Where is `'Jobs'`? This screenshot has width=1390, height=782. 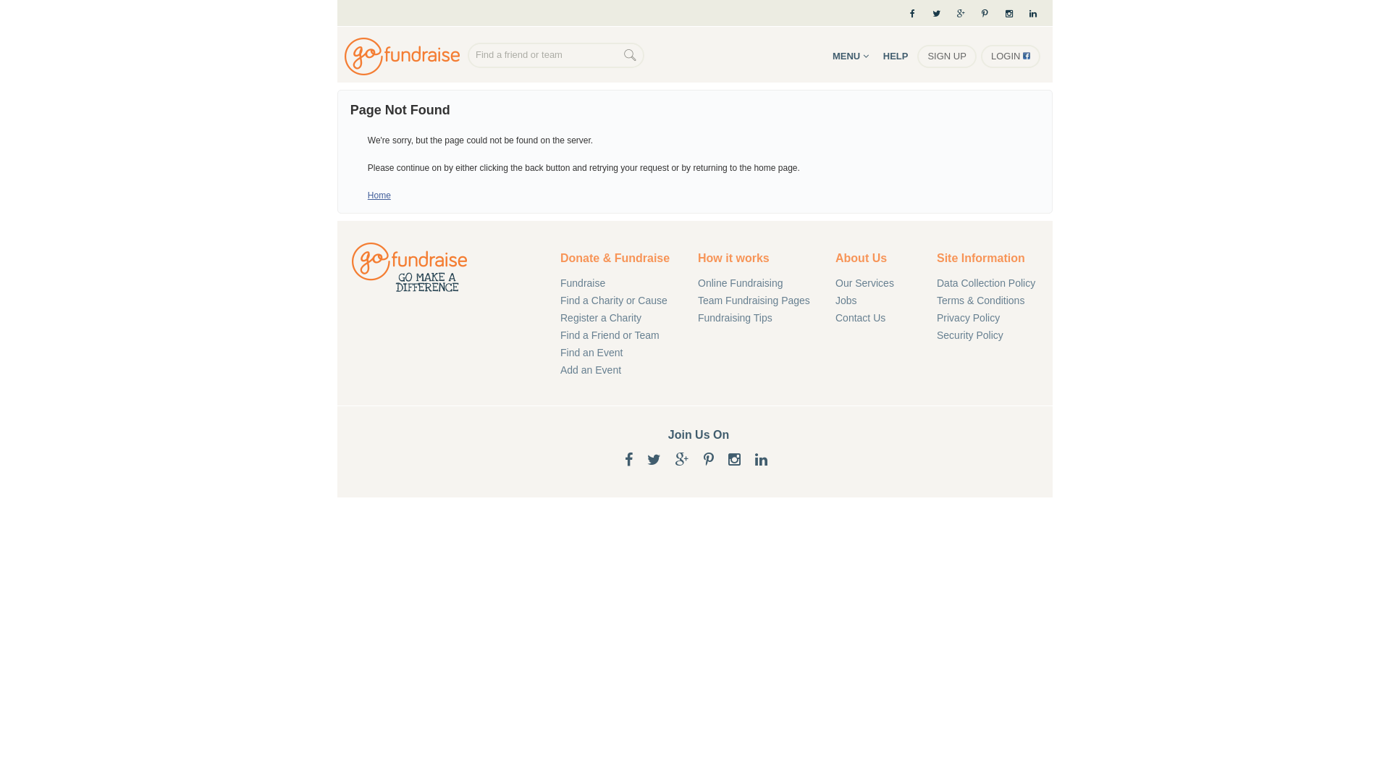
'Jobs' is located at coordinates (835, 300).